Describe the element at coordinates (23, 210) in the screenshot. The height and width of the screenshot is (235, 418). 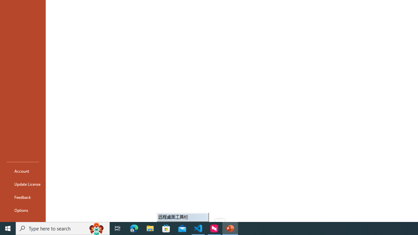
I see `'Options'` at that location.